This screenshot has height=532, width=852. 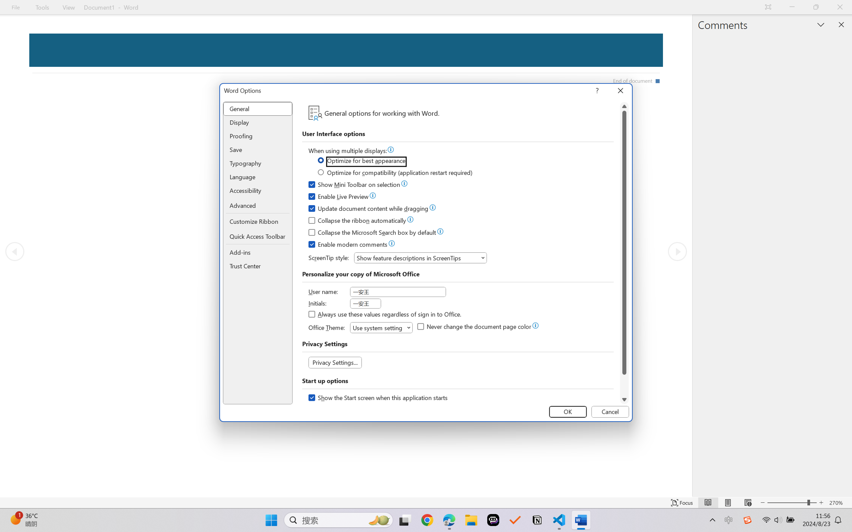 I want to click on 'Increase Text Size', so click(x=821, y=502).